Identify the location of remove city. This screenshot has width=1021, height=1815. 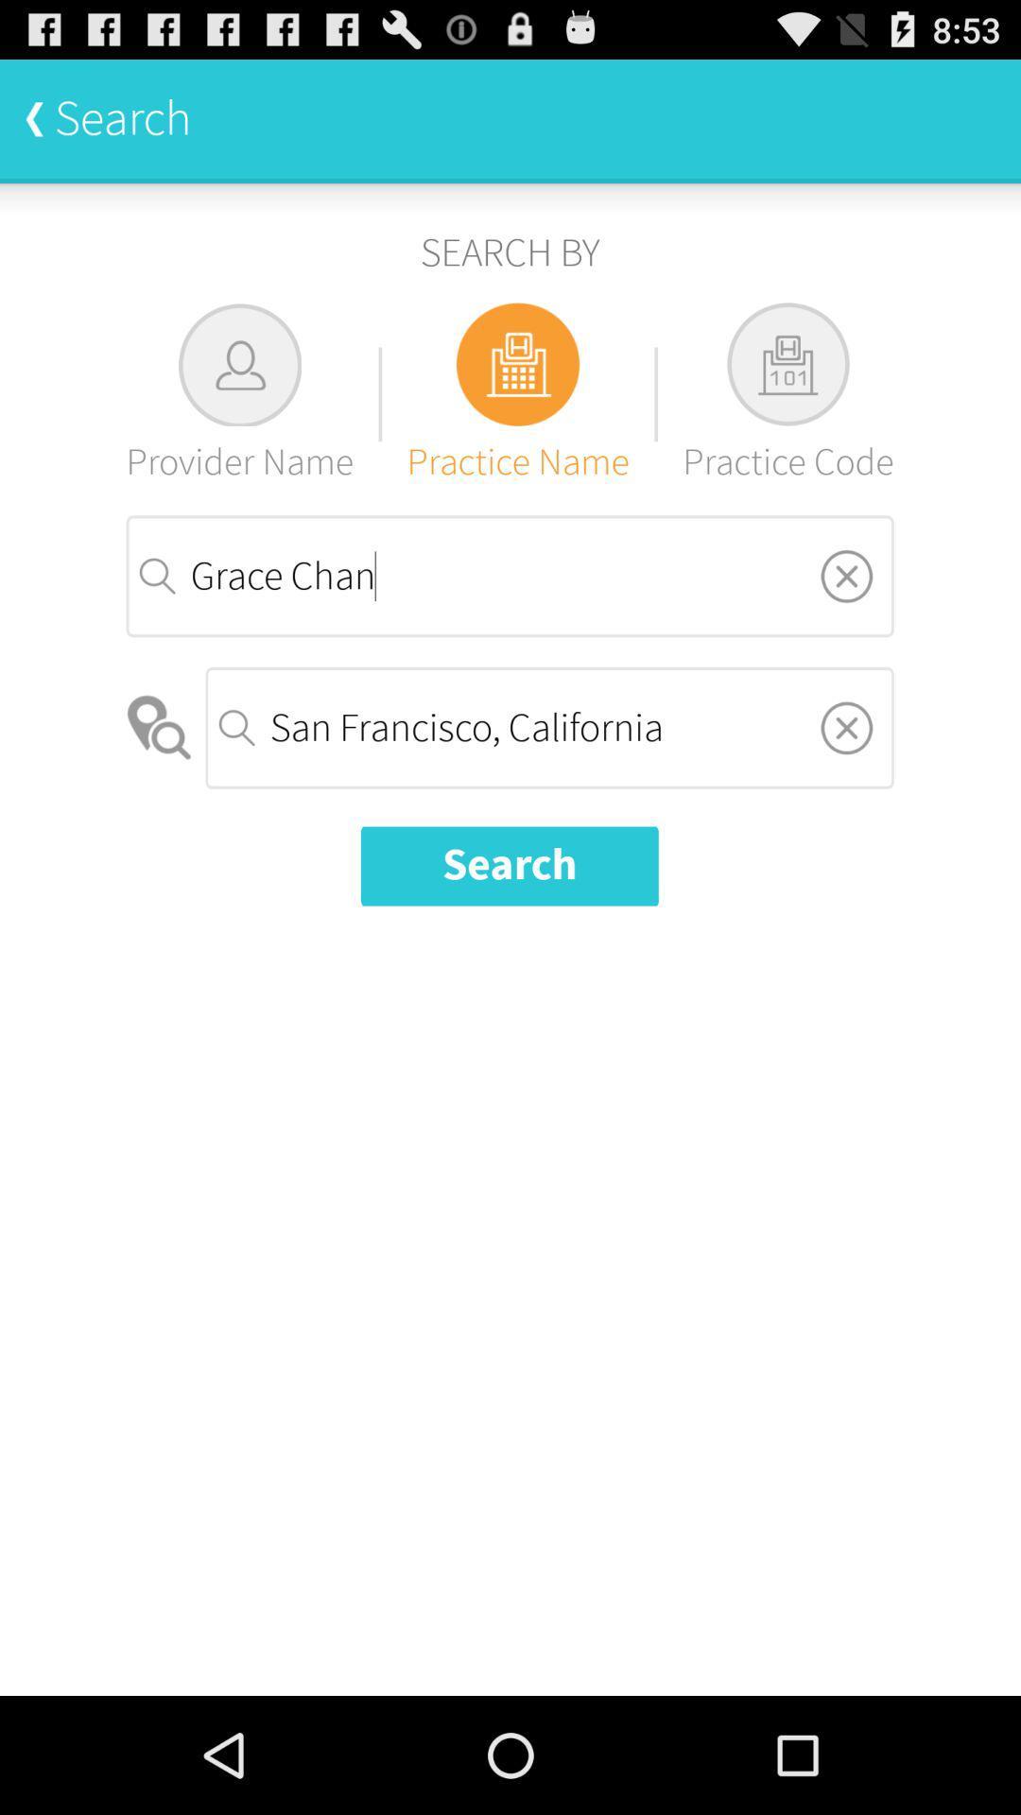
(845, 726).